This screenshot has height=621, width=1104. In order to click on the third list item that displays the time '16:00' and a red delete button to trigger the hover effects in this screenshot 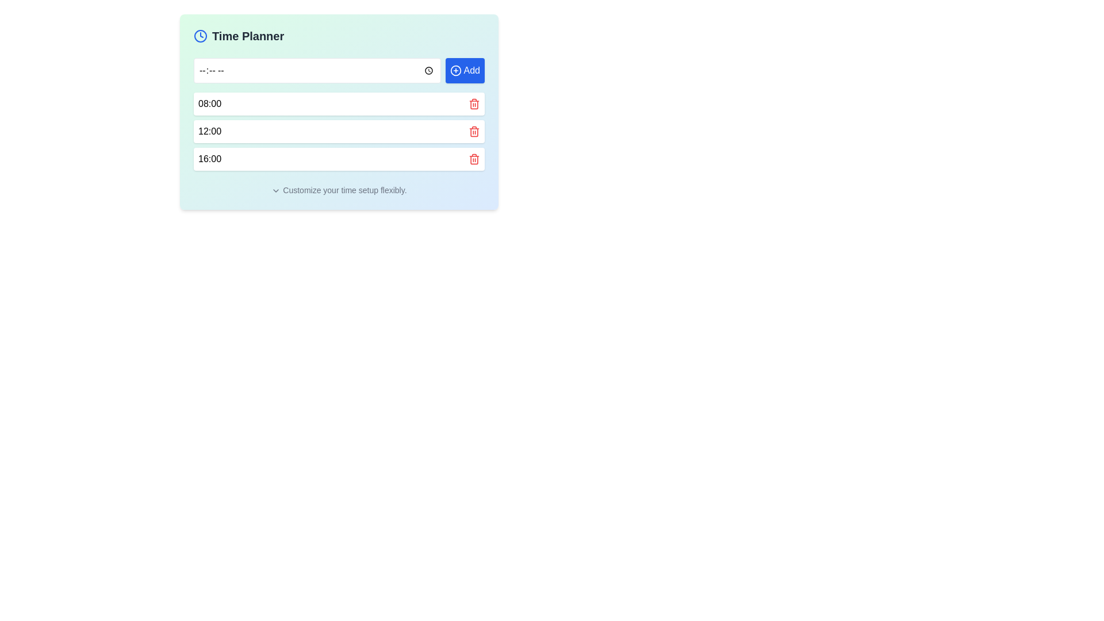, I will do `click(339, 159)`.